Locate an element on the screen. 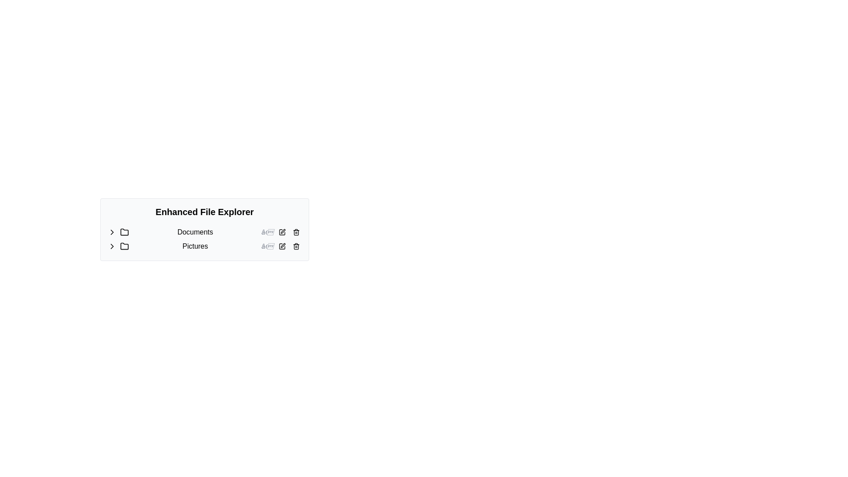 The width and height of the screenshot is (848, 477). the button that initiates editing operations related to the 'Documents' entry in the file explorer is located at coordinates (281, 231).